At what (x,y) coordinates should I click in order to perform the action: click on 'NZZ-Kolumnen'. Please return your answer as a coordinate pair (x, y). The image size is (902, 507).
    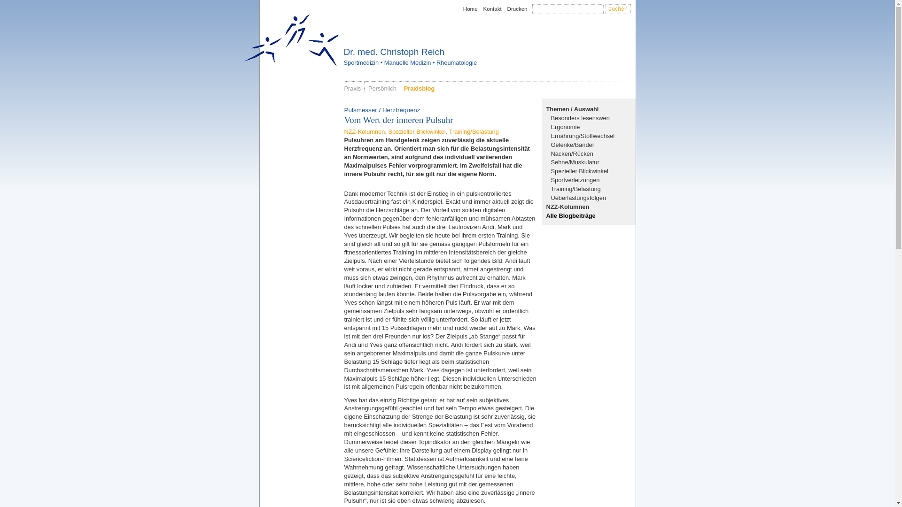
    Looking at the image, I should click on (364, 131).